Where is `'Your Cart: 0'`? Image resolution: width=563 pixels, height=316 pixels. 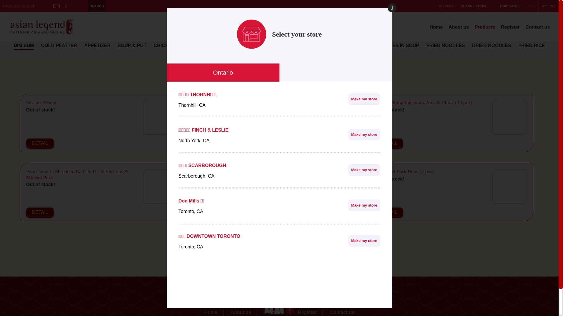 'Your Cart: 0' is located at coordinates (508, 6).